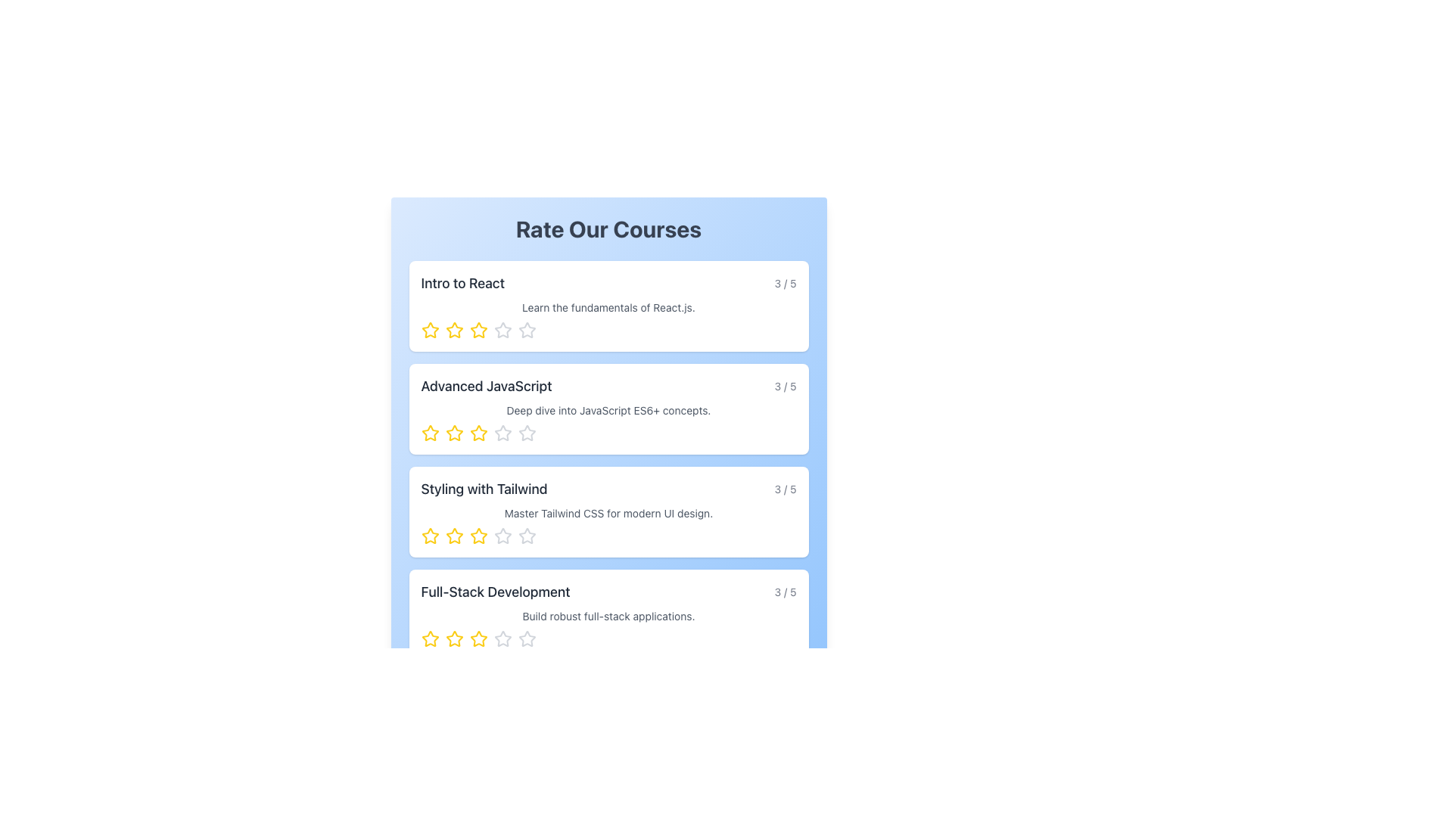 This screenshot has width=1453, height=817. Describe the element at coordinates (429, 433) in the screenshot. I see `the first star icon in the rating section for the 'Advanced JavaScript' course to provide a rating` at that location.